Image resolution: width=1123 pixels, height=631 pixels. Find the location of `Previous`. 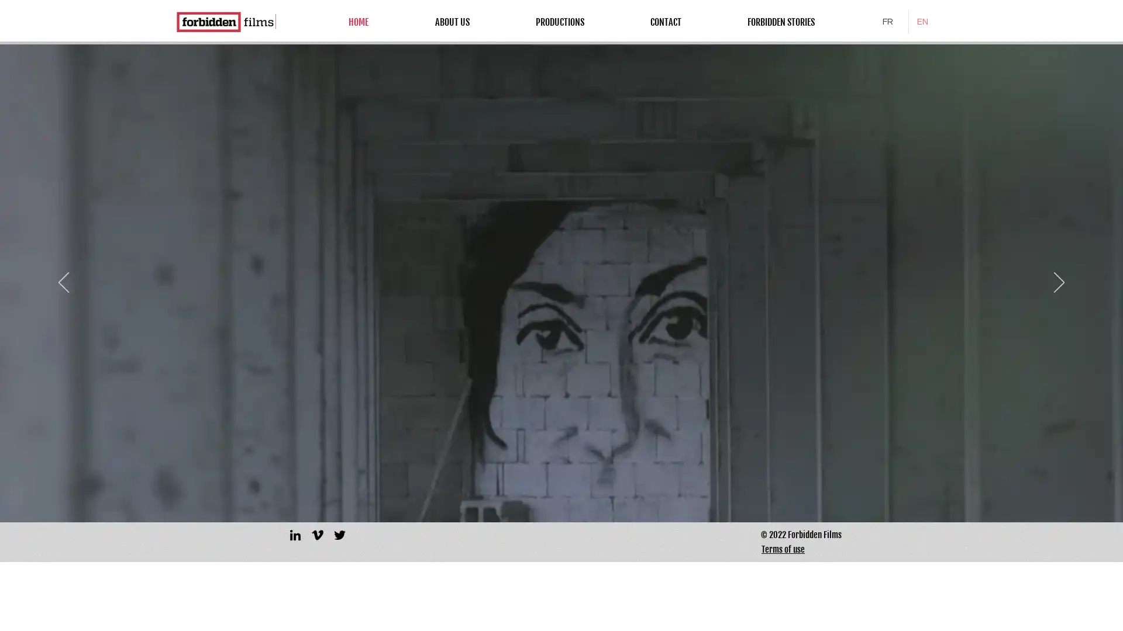

Previous is located at coordinates (63, 283).